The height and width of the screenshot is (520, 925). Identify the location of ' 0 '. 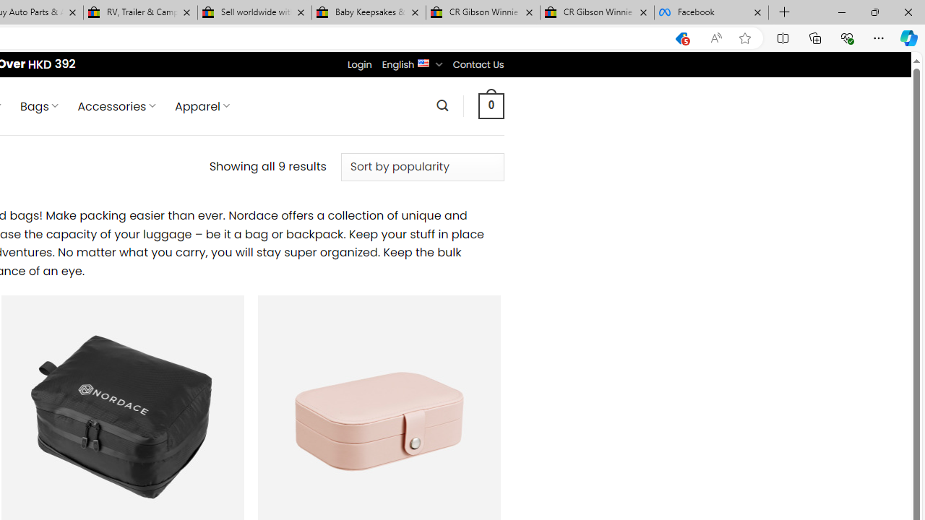
(491, 105).